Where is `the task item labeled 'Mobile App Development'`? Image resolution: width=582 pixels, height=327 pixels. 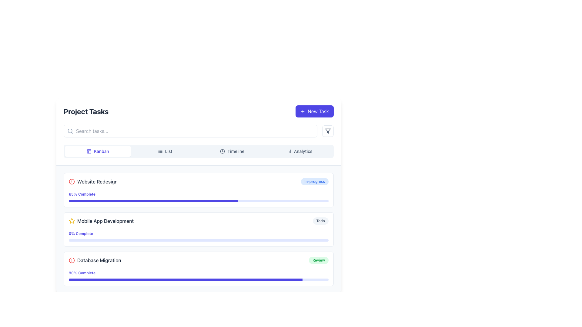
the task item labeled 'Mobile App Development' is located at coordinates (199, 221).